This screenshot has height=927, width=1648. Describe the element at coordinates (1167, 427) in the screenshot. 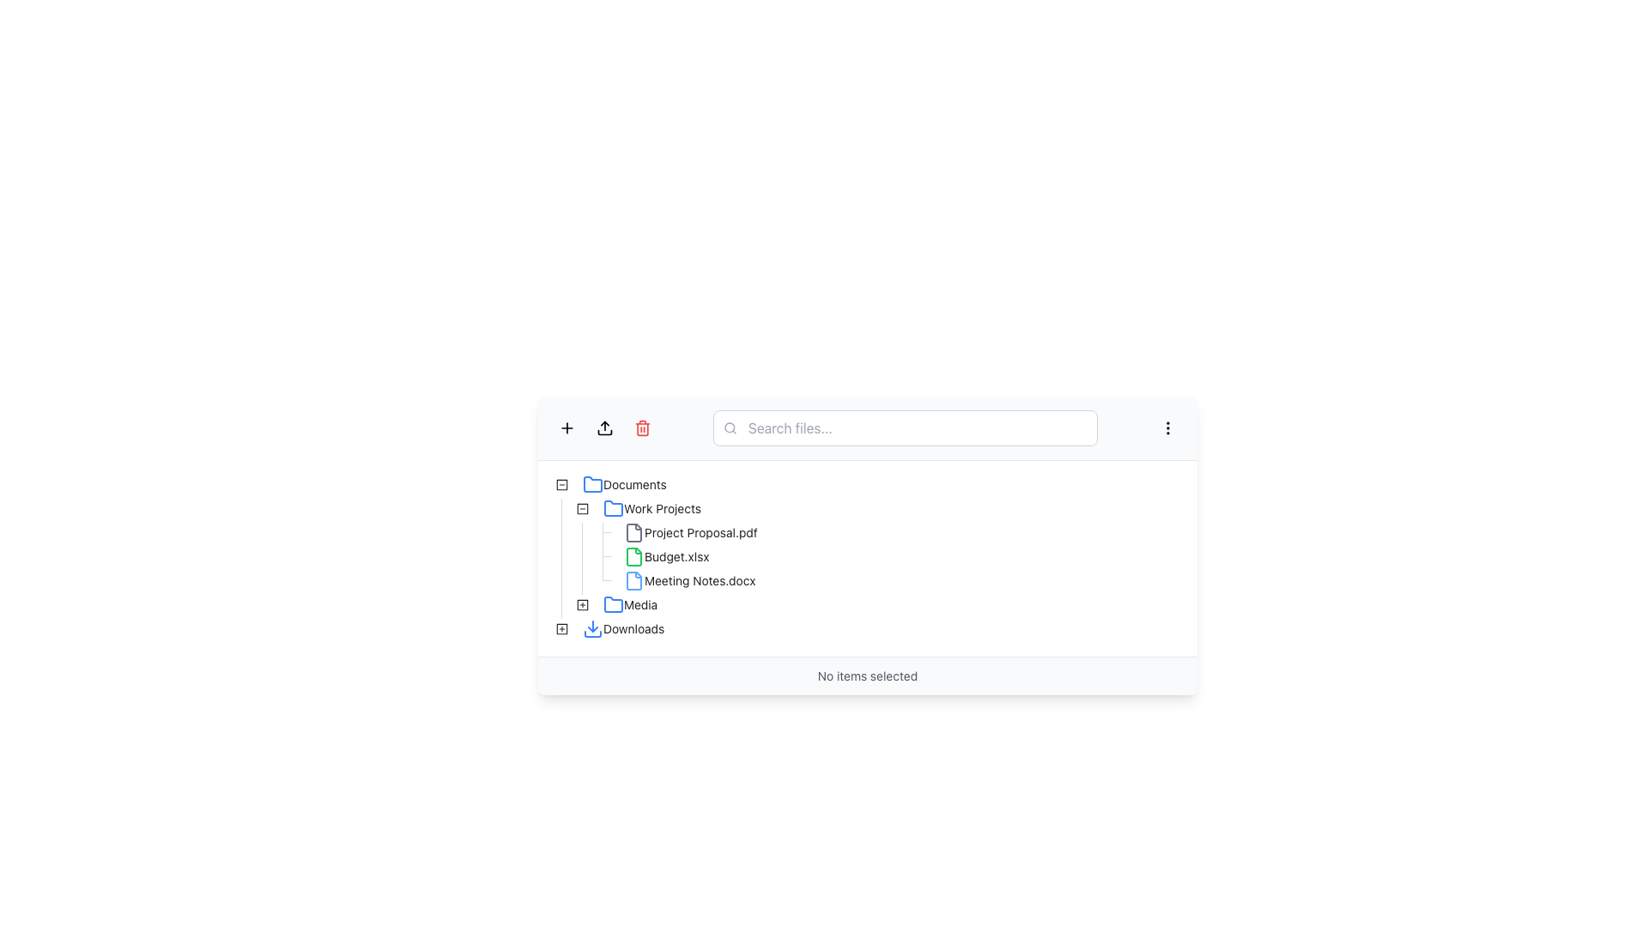

I see `the vertical ellipsis icon located in the top-right portion of the user interface` at that location.